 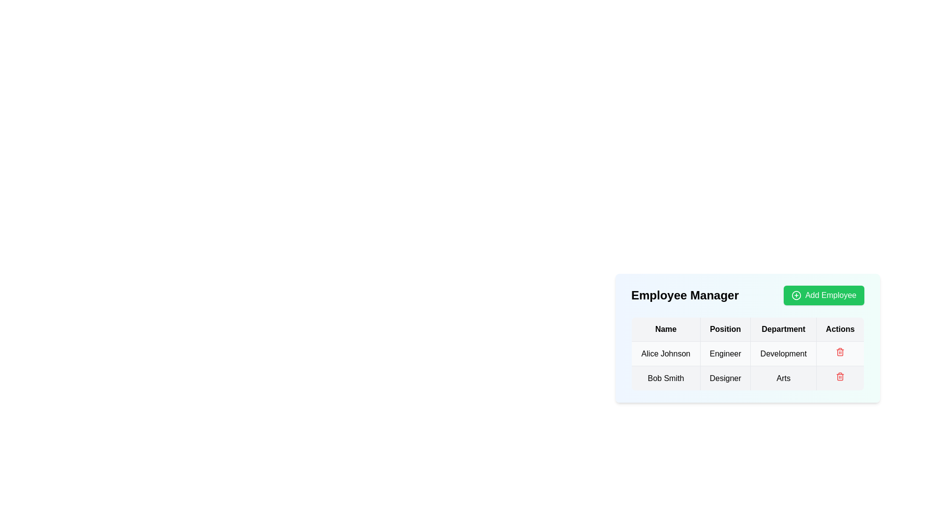 What do you see at coordinates (666, 378) in the screenshot?
I see `the Text label in the second row of the 'Name' column, which identifies an individual in a table listing` at bounding box center [666, 378].